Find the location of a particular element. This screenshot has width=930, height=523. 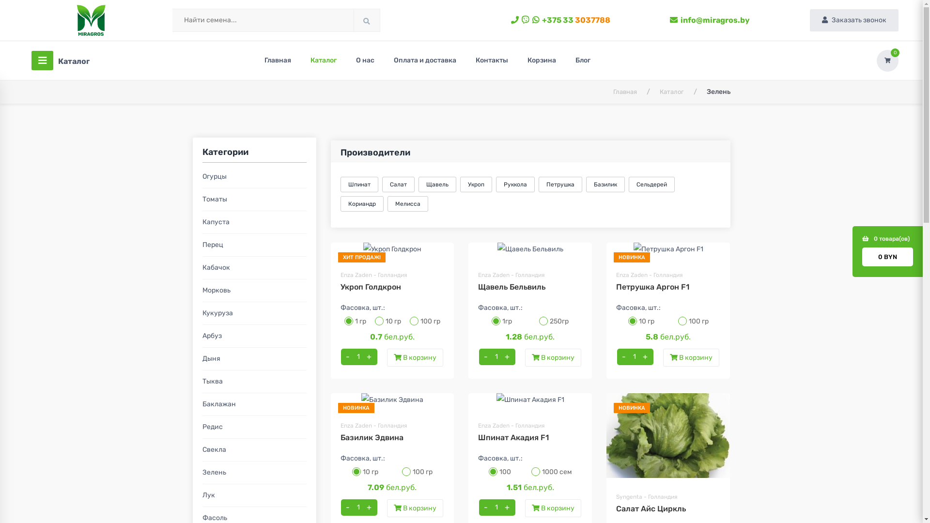

'info@miragros.by' is located at coordinates (710, 20).